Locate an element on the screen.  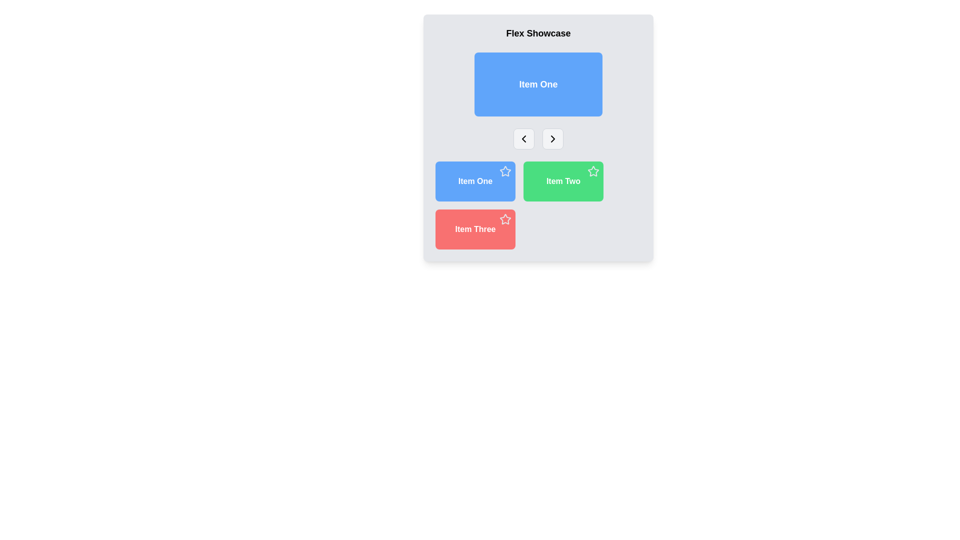
the interactive button in the top-right corner of the blue block labeled 'Item One' is located at coordinates (505, 171).